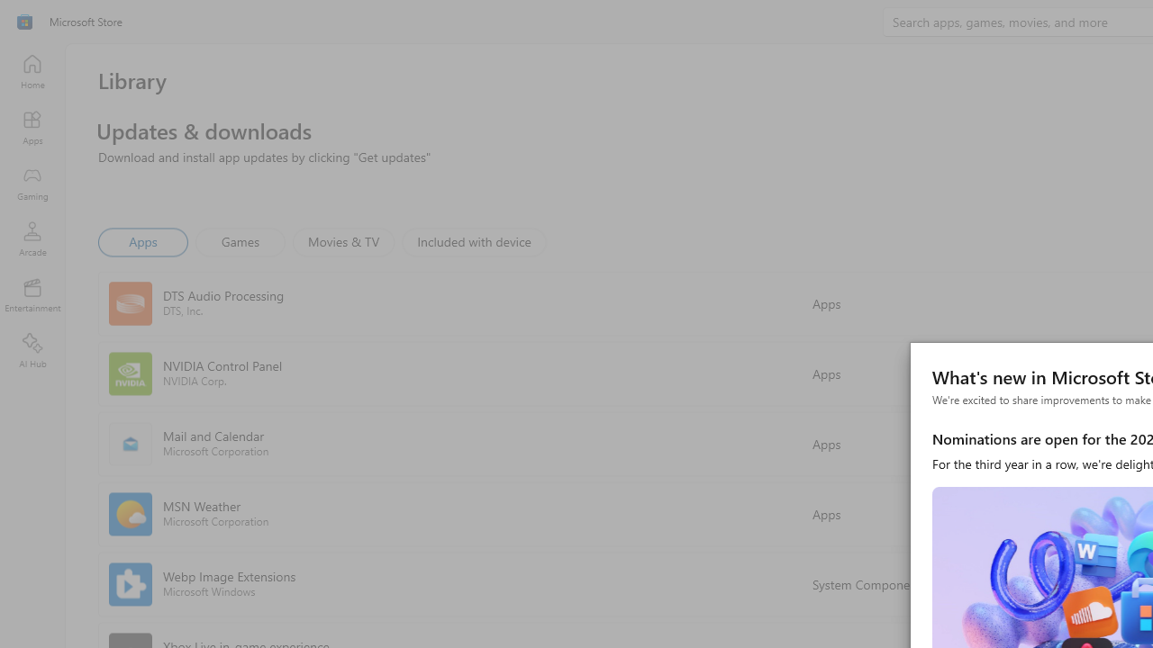  What do you see at coordinates (32, 70) in the screenshot?
I see `'Home'` at bounding box center [32, 70].